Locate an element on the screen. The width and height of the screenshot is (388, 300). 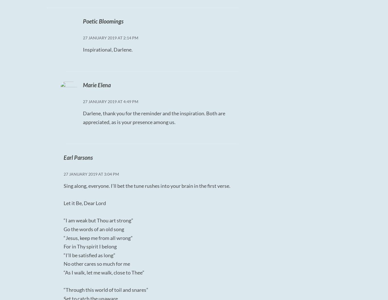
'No other cares so much for me' is located at coordinates (97, 263).